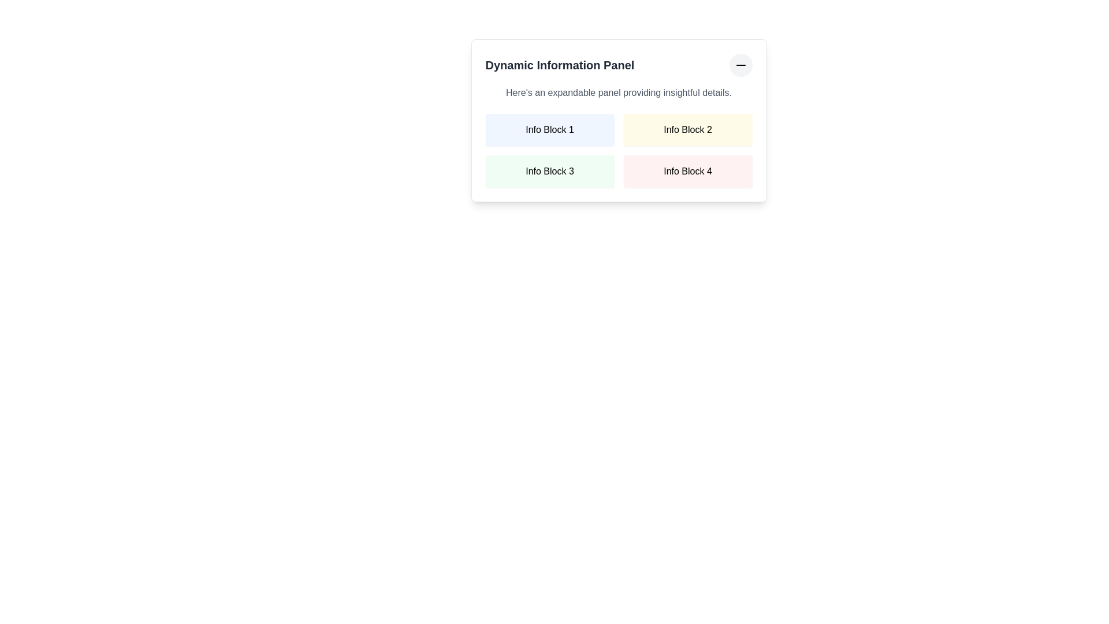 The width and height of the screenshot is (1109, 624). Describe the element at coordinates (549, 172) in the screenshot. I see `the informational label block located in the second row and first column of the grid layout, which is positioned directly below 'Info Block 1'` at that location.